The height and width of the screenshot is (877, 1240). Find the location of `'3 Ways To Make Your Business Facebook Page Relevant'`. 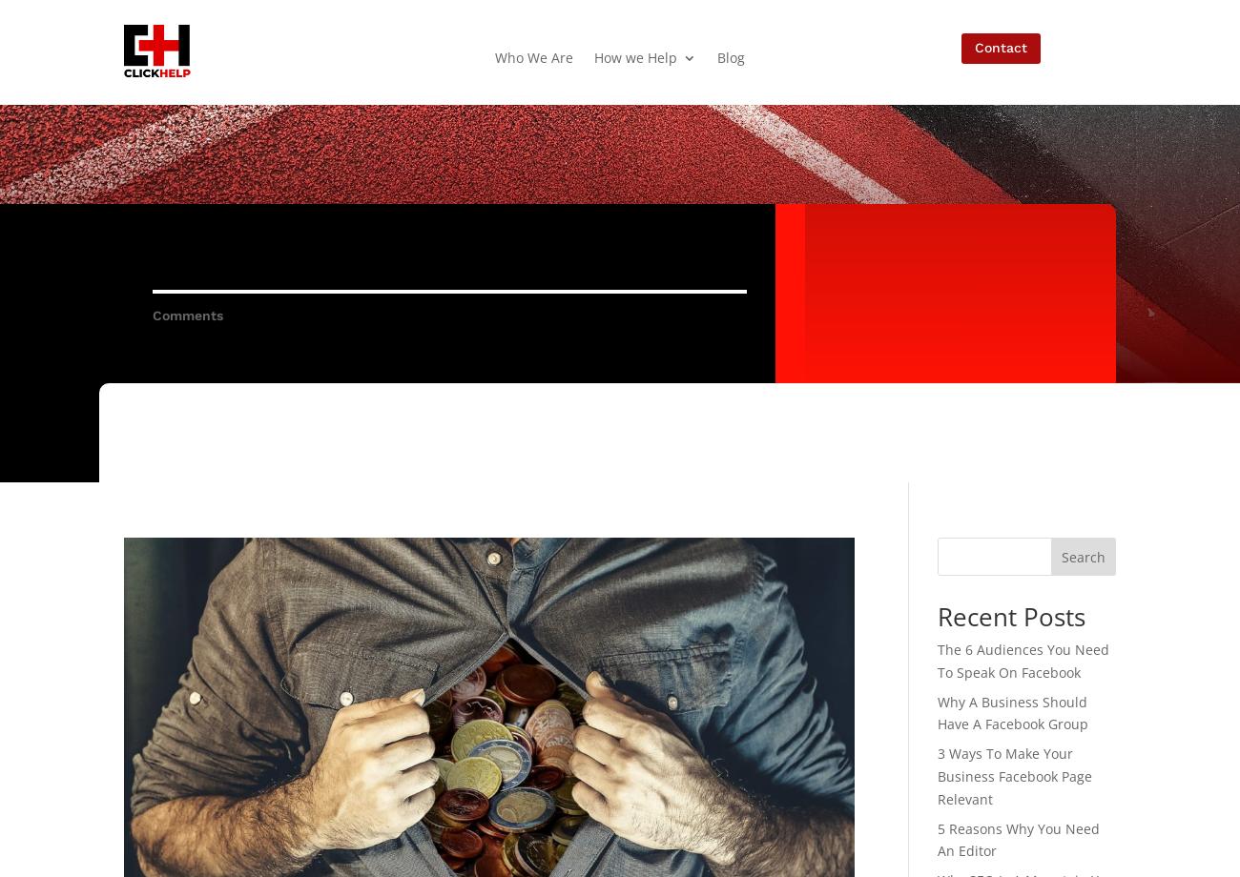

'3 Ways To Make Your Business Facebook Page Relevant' is located at coordinates (1014, 775).